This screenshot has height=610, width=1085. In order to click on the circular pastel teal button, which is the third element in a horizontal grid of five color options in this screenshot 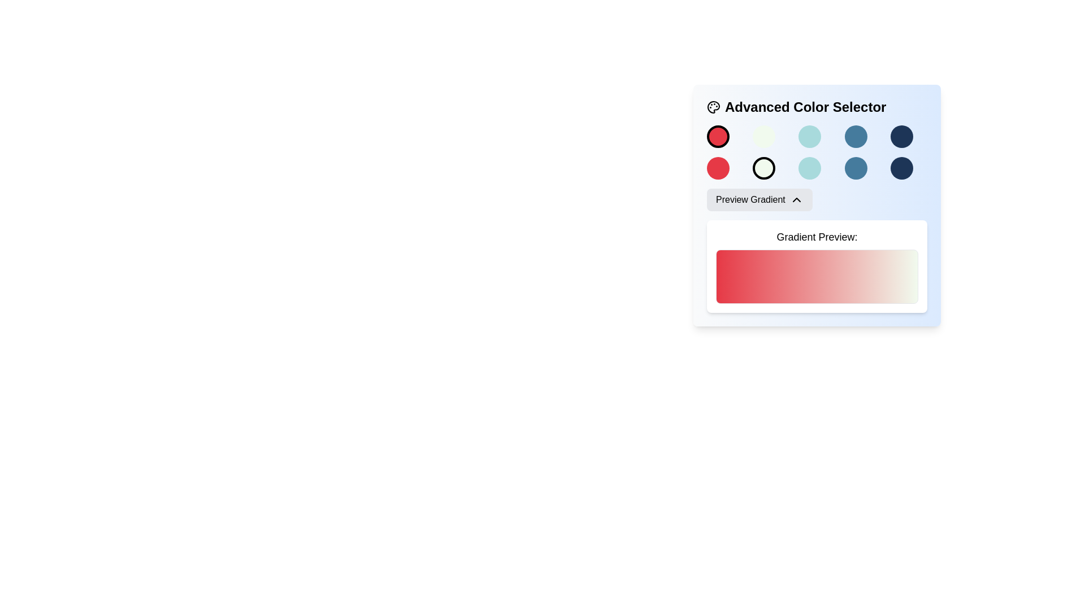, I will do `click(809, 136)`.